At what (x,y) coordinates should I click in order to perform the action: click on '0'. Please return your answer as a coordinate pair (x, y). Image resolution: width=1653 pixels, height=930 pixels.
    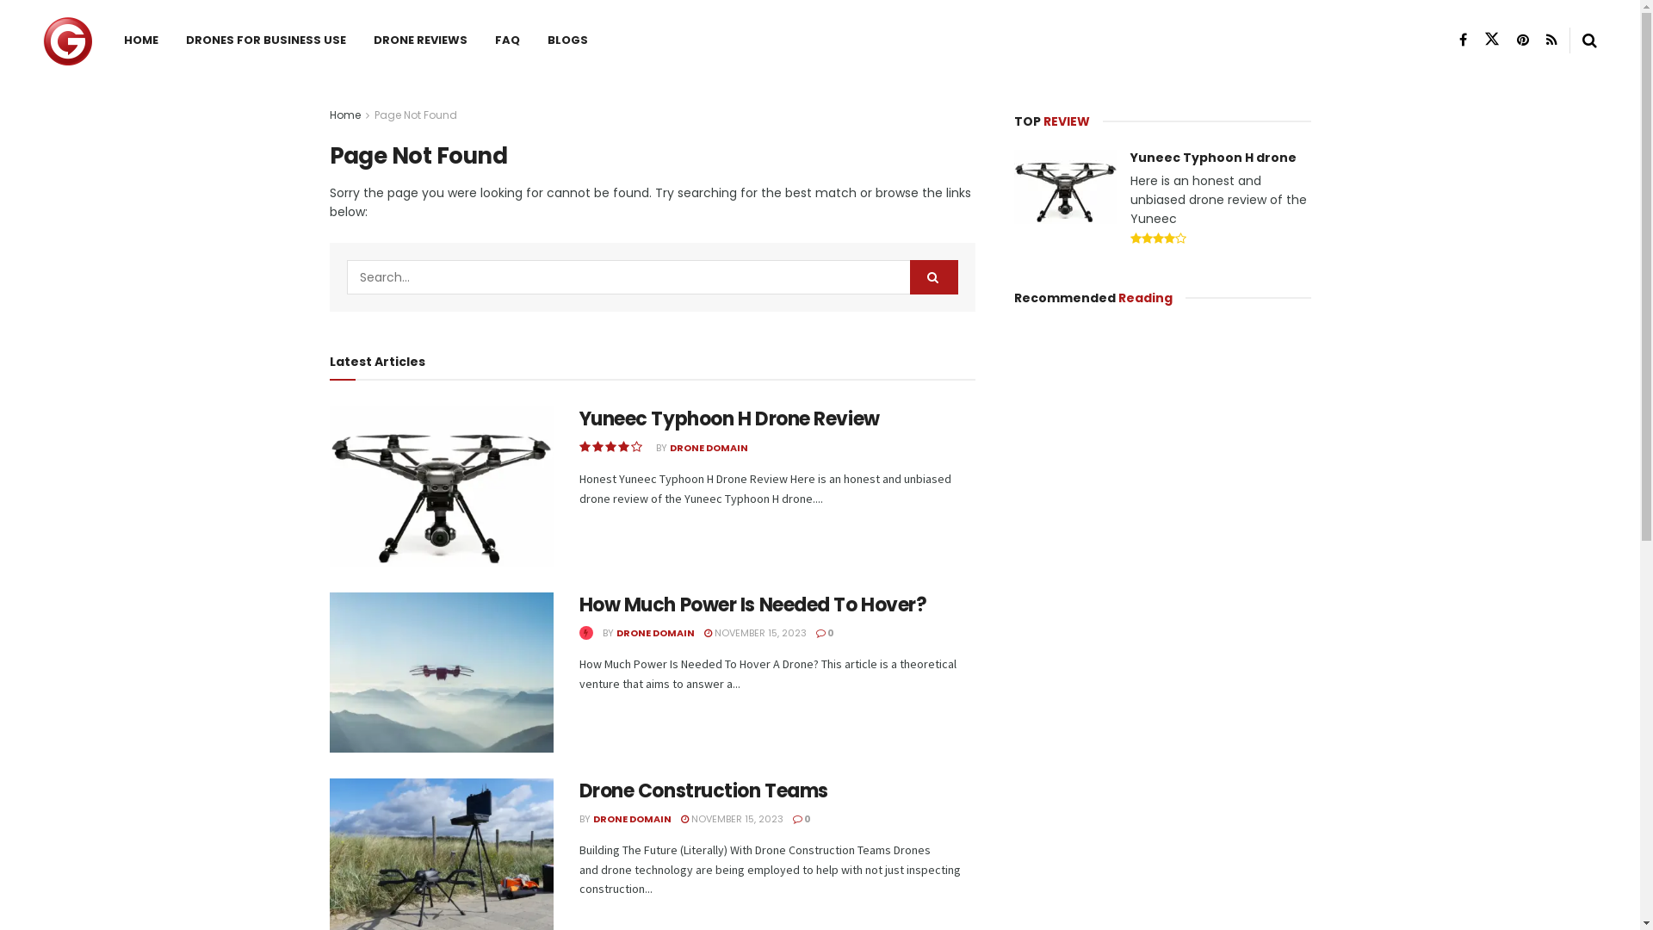
    Looking at the image, I should click on (824, 633).